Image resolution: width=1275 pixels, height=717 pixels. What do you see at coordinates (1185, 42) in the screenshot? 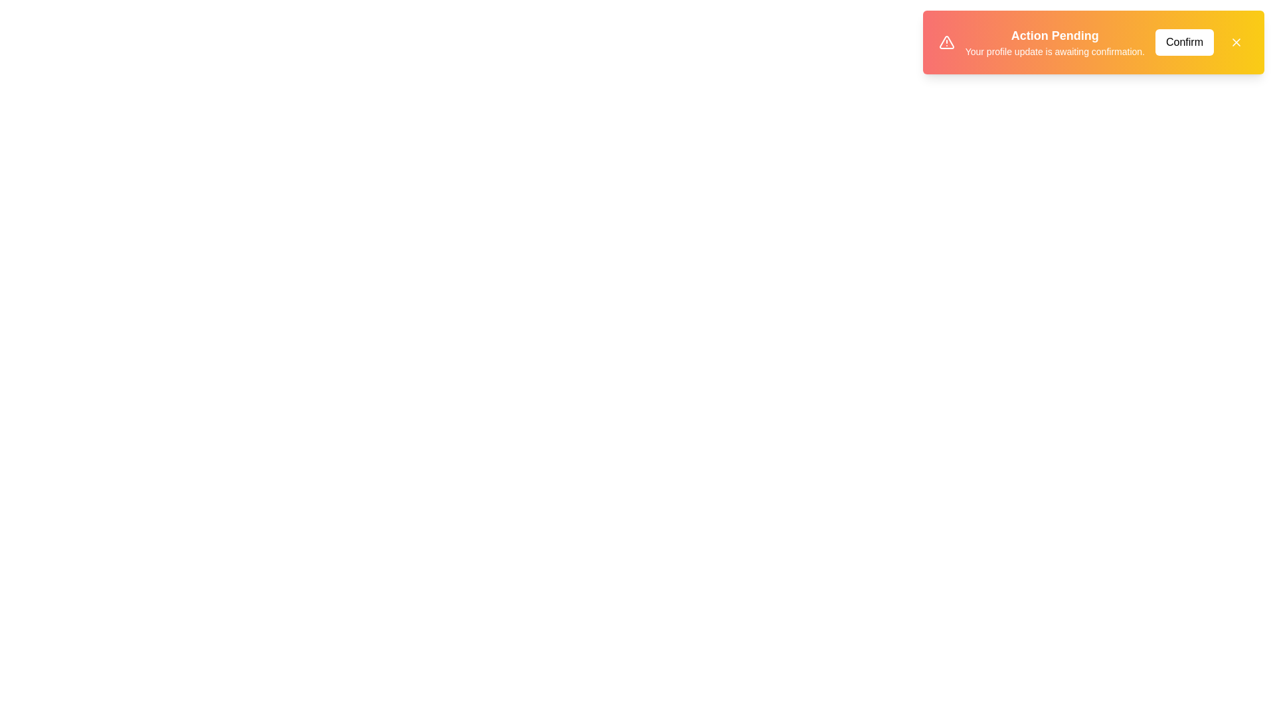
I see `the Confirm button to observe its hover effect` at bounding box center [1185, 42].